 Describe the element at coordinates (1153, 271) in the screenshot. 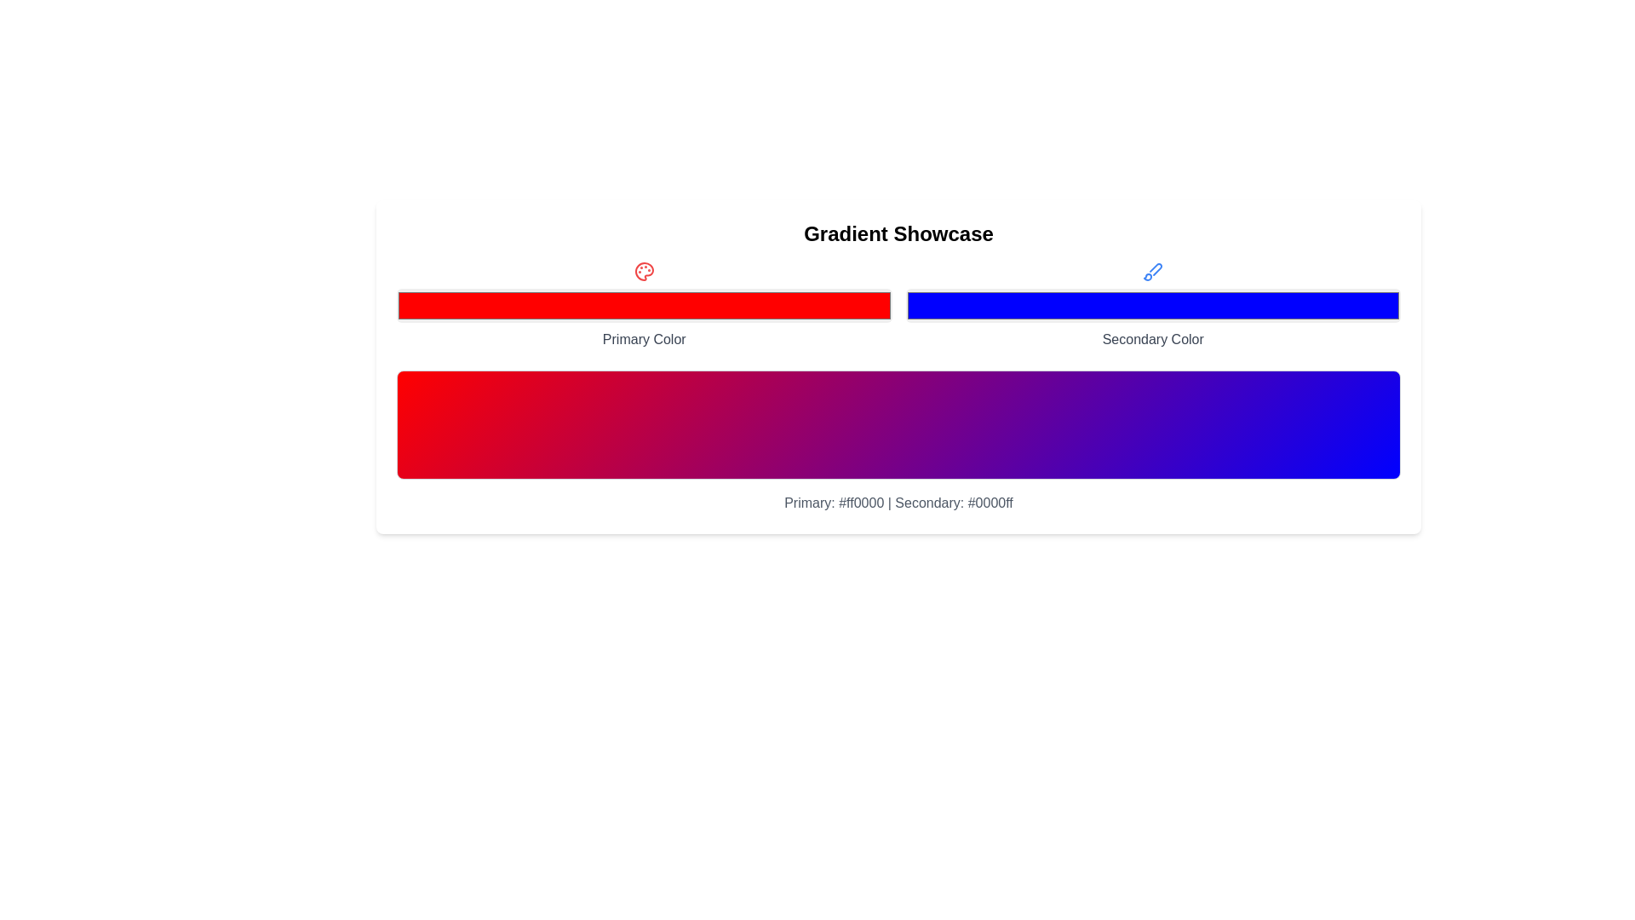

I see `the small SVG icon representing a brush or painter's tool with a blue outline, located in the 'Secondary Color' section above the text 'Secondary Color'` at that location.